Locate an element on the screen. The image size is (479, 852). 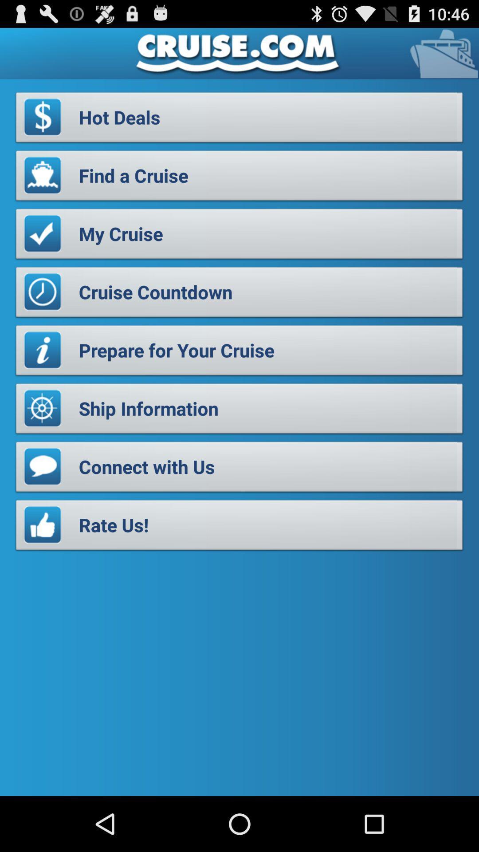
the ship information is located at coordinates (239, 410).